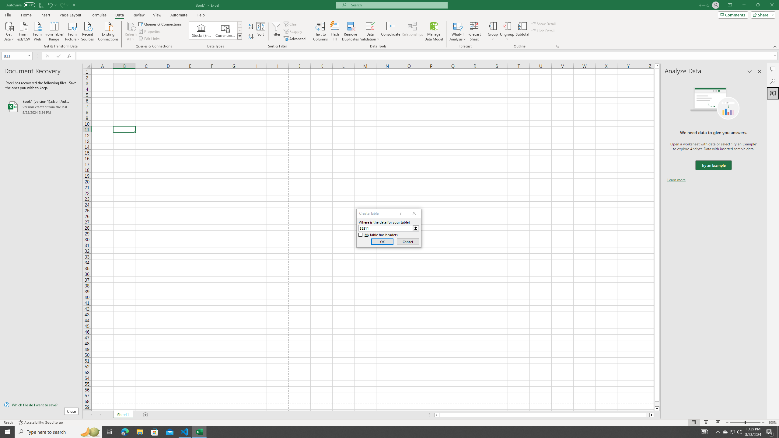 The image size is (779, 438). What do you see at coordinates (73, 30) in the screenshot?
I see `'From Picture'` at bounding box center [73, 30].